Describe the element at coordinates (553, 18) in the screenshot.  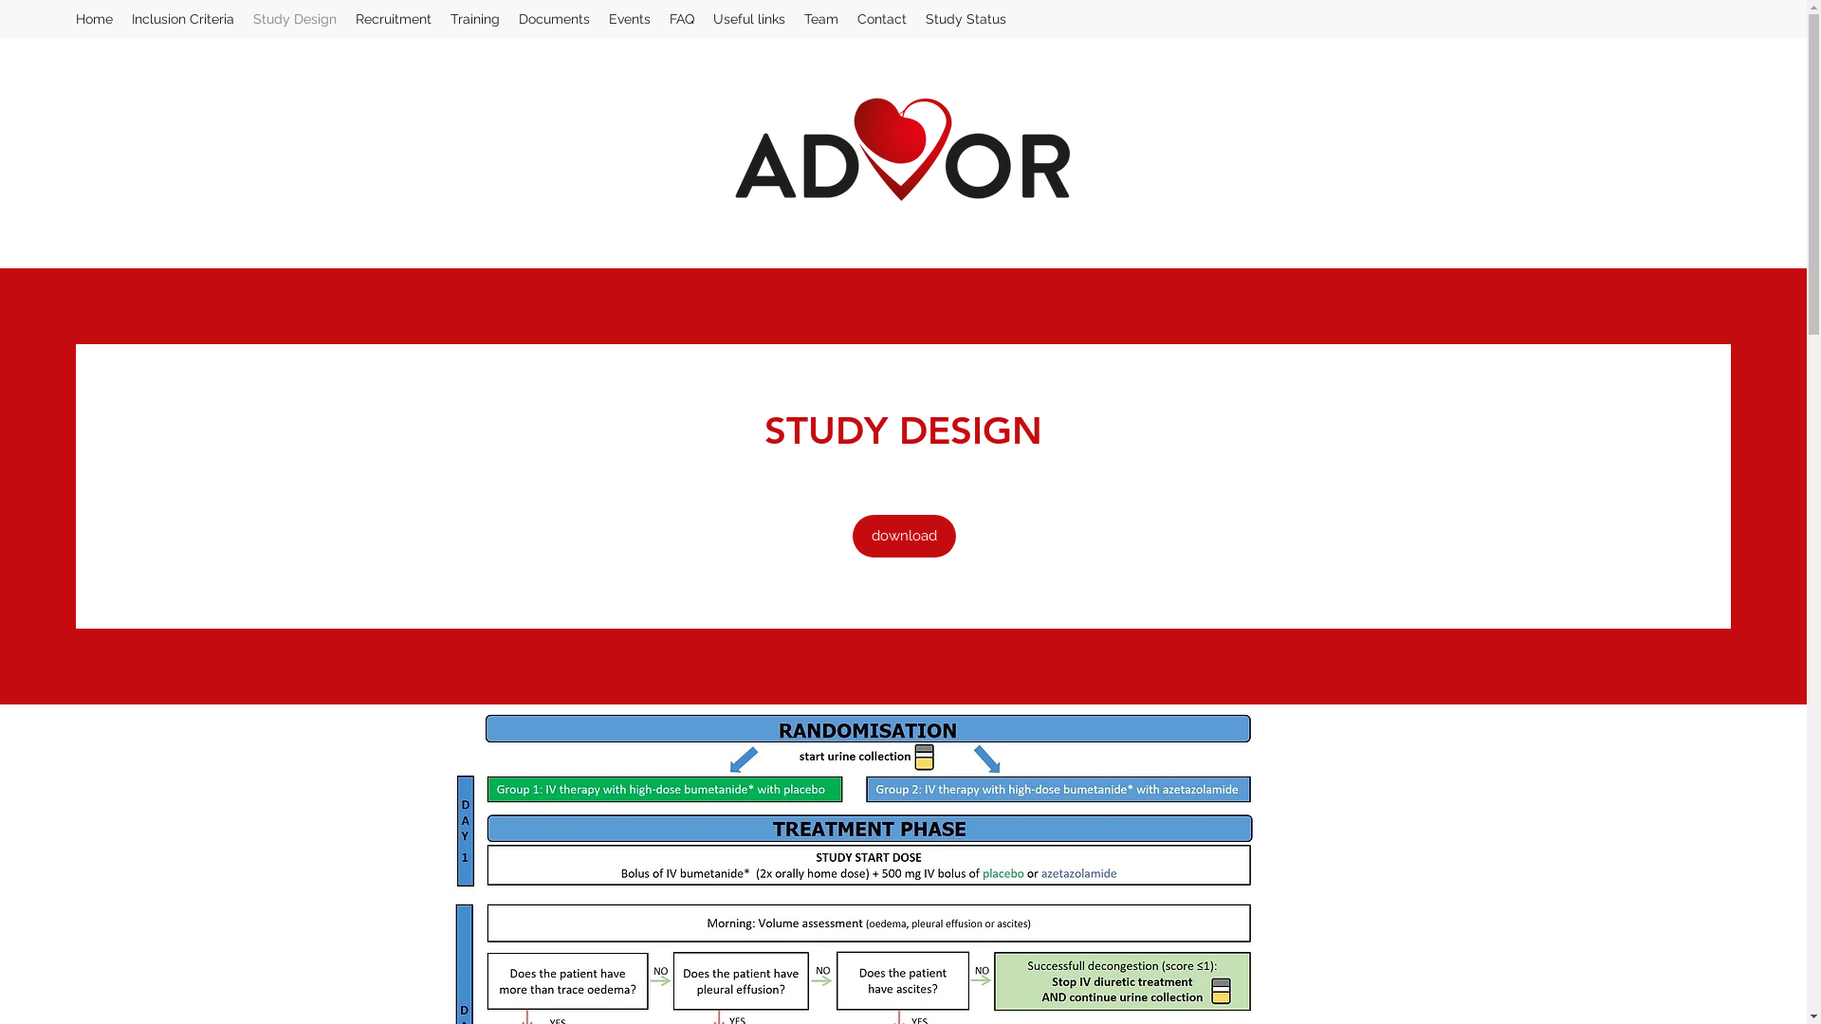
I see `'Documents'` at that location.